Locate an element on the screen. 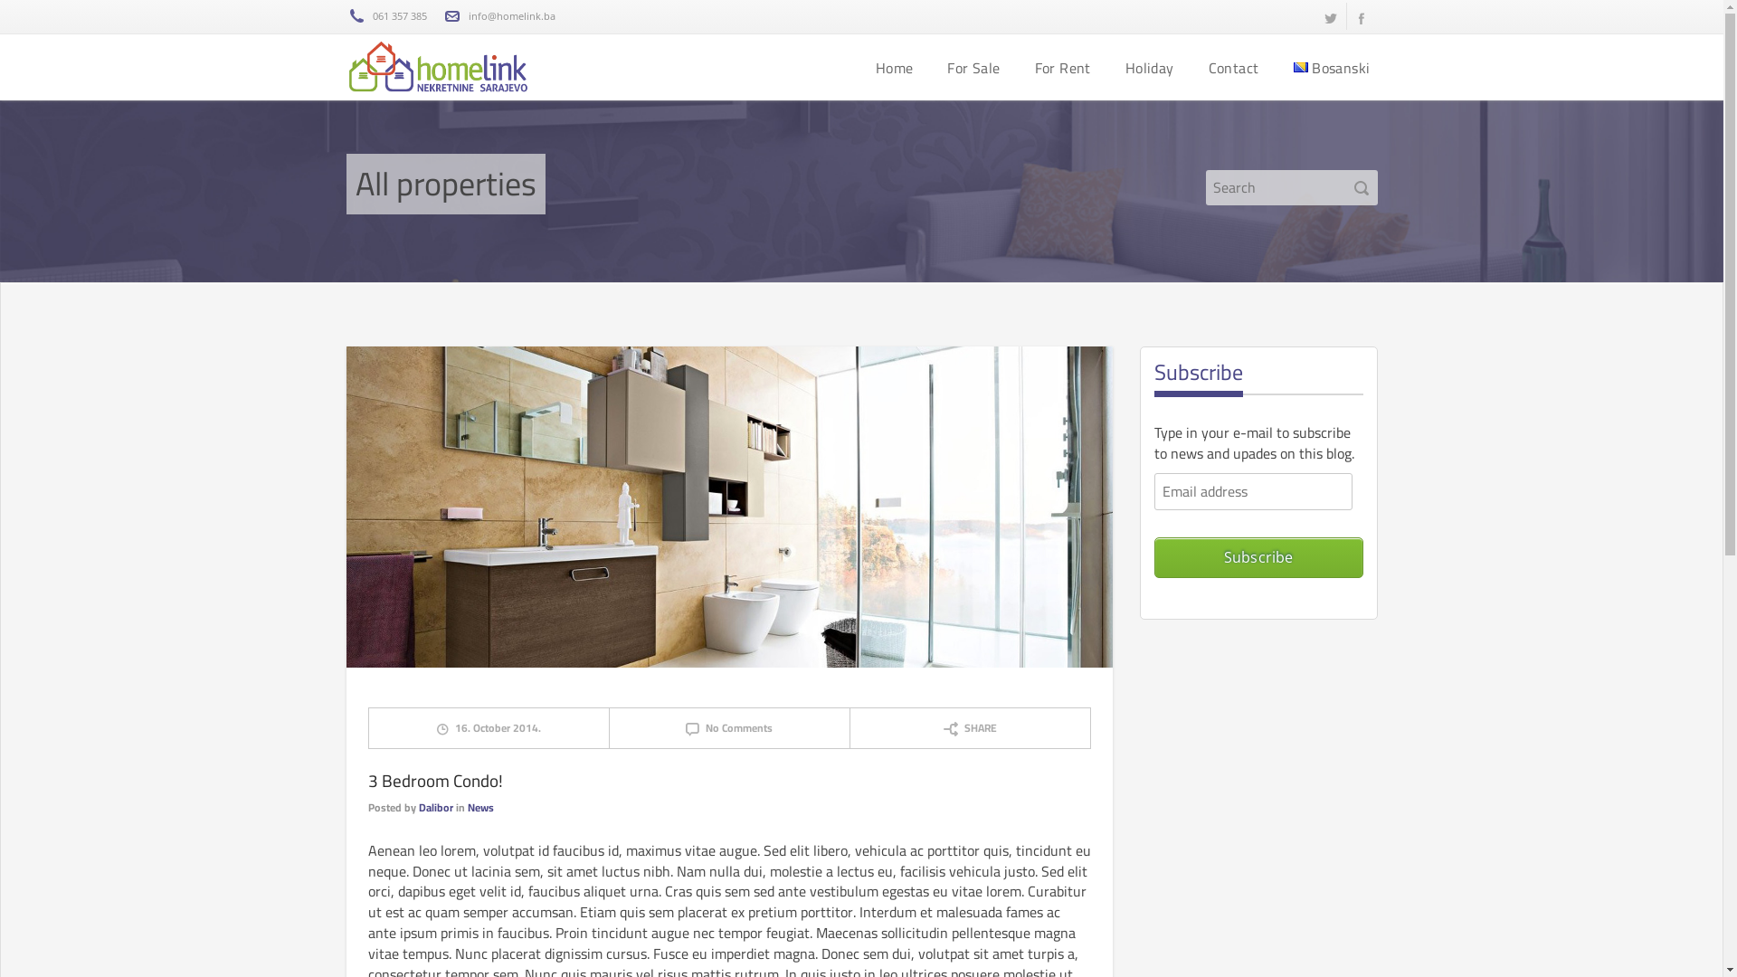 This screenshot has height=977, width=1737. 'SHARE' is located at coordinates (969, 726).